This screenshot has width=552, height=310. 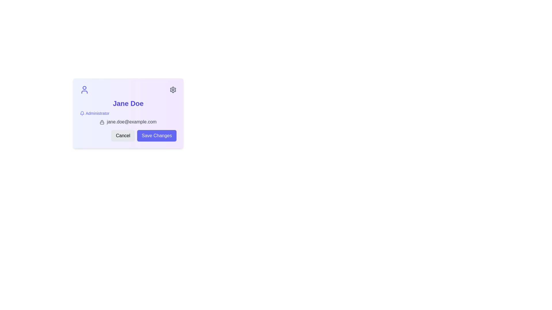 I want to click on the gear-shaped settings icon located in the upper-right corner of the settings interface, so click(x=172, y=90).